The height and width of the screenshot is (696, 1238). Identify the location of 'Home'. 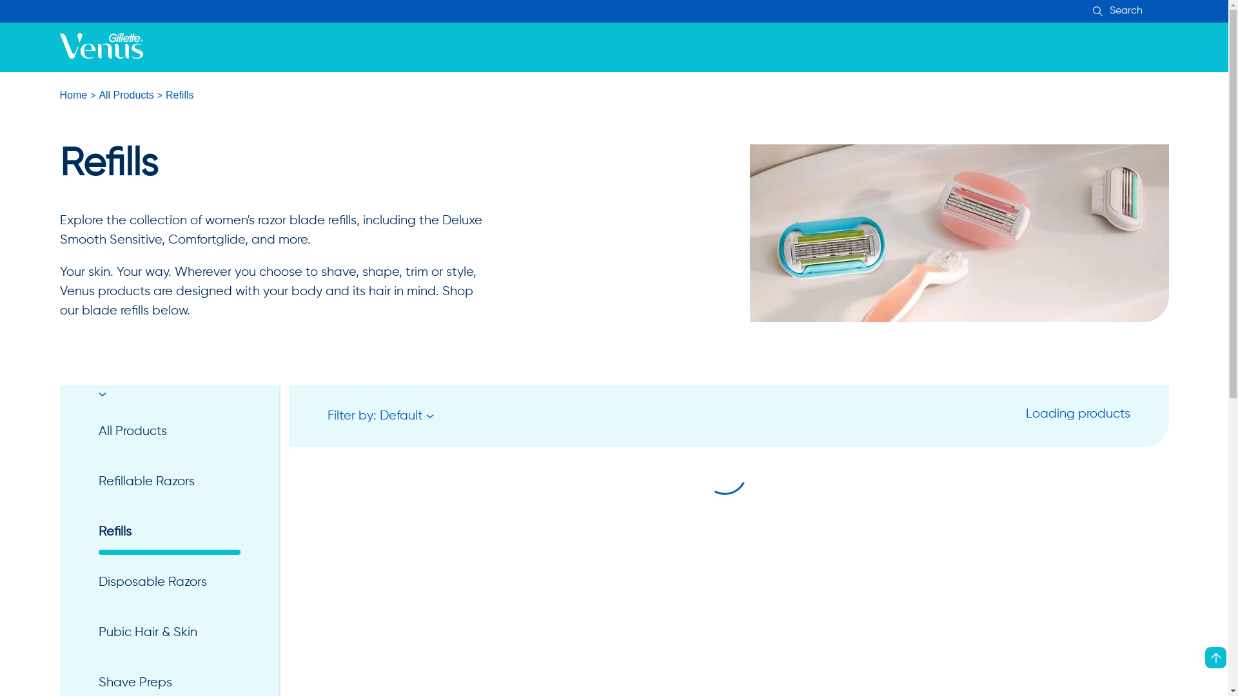
(72, 94).